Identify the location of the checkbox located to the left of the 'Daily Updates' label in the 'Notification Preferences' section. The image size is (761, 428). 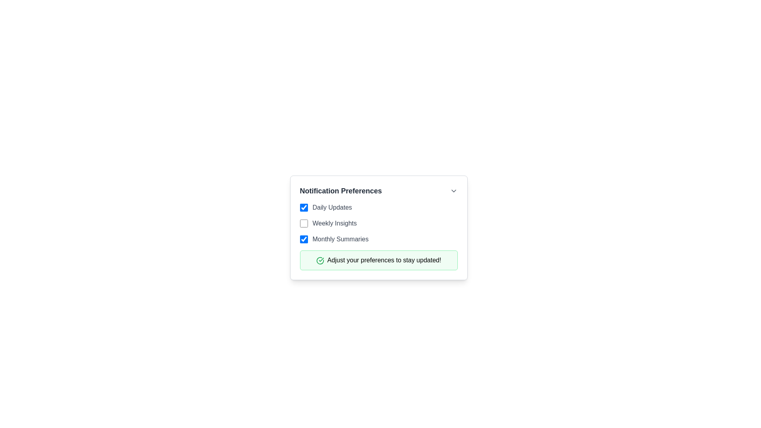
(303, 207).